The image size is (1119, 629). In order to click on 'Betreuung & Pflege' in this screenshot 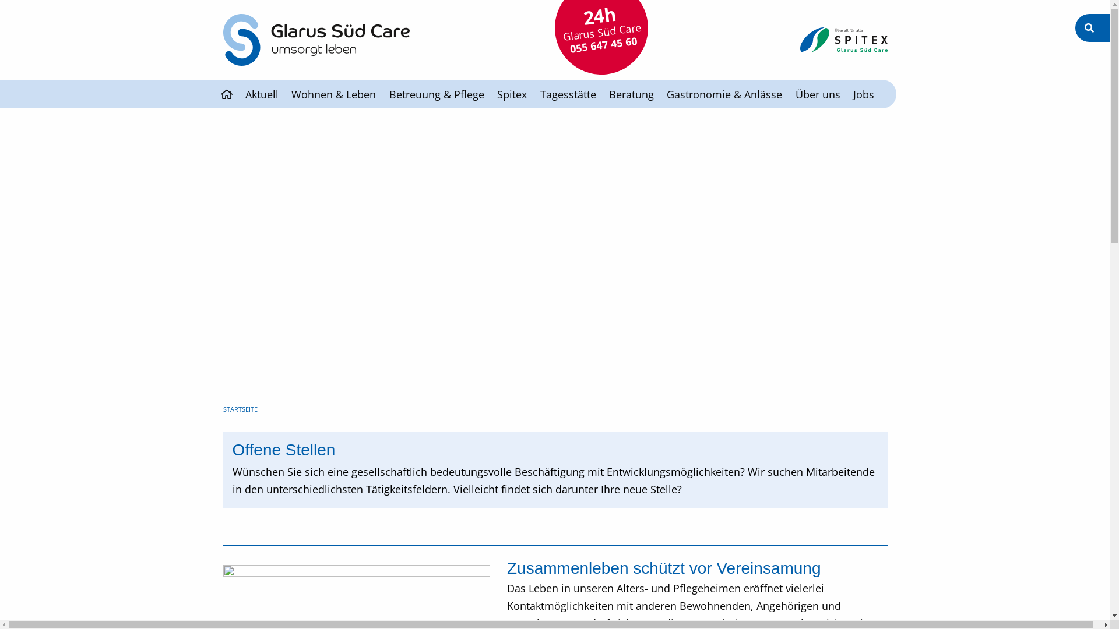, I will do `click(436, 93)`.